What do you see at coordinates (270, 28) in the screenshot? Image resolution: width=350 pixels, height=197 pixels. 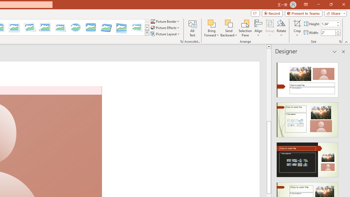 I see `'Group'` at bounding box center [270, 28].